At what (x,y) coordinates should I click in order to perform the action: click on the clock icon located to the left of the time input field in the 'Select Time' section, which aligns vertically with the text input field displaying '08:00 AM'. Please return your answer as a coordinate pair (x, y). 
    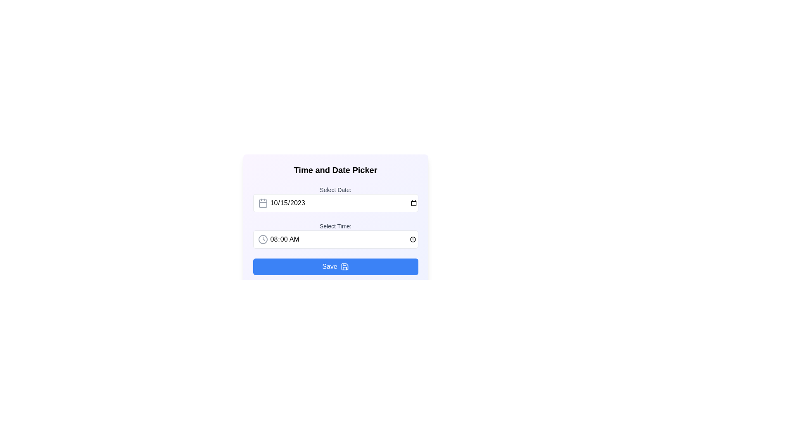
    Looking at the image, I should click on (262, 239).